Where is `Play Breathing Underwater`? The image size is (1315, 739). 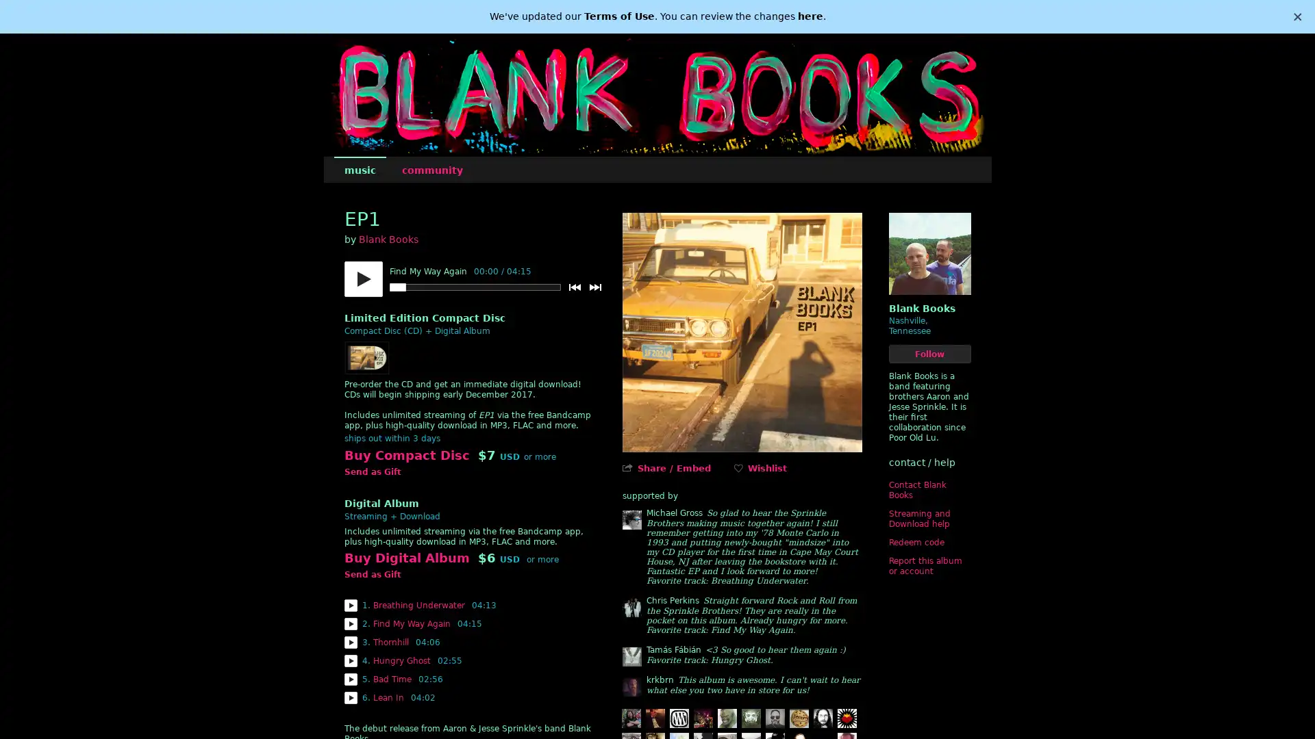
Play Breathing Underwater is located at coordinates (350, 604).